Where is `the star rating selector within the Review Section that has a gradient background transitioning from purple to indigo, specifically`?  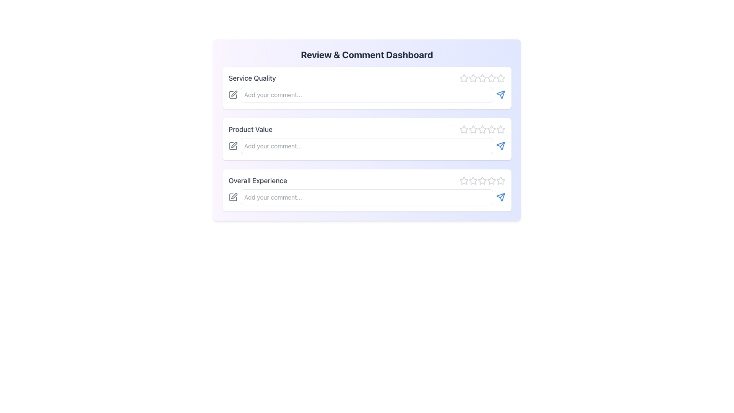 the star rating selector within the Review Section that has a gradient background transitioning from purple to indigo, specifically is located at coordinates (367, 129).